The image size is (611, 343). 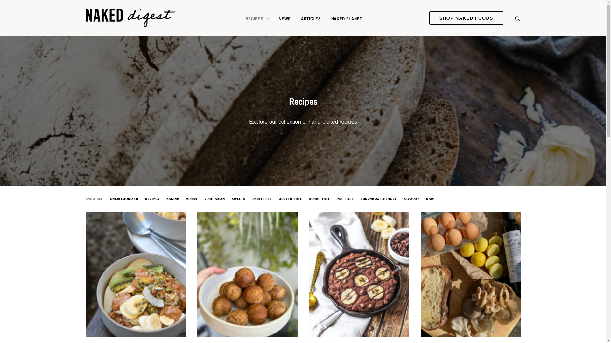 I want to click on 'UNCATEGORIZED', so click(x=124, y=198).